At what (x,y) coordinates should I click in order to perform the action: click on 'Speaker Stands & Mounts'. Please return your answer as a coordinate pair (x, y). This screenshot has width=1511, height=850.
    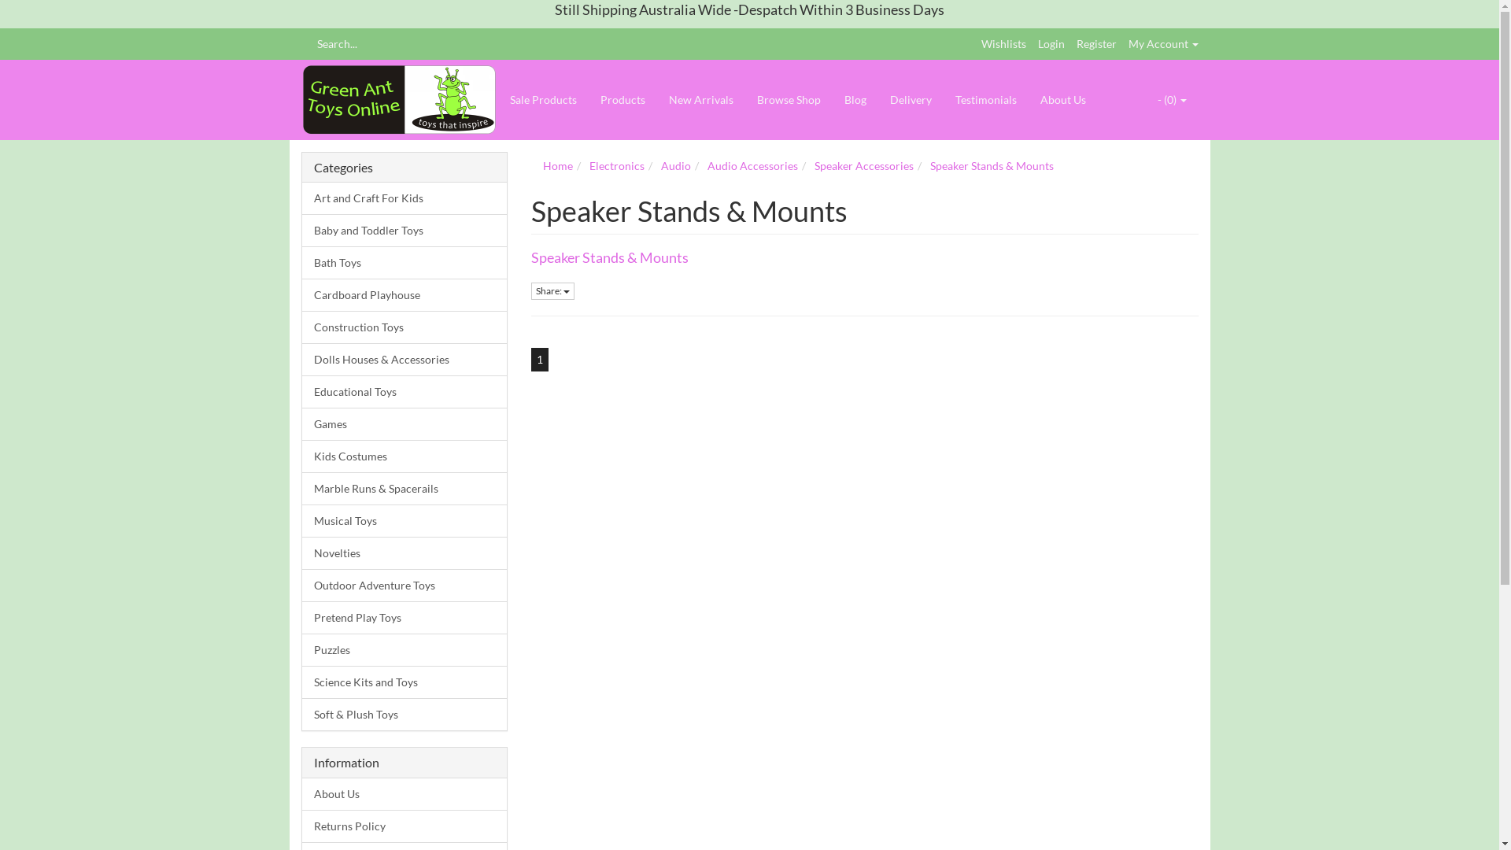
    Looking at the image, I should click on (531, 257).